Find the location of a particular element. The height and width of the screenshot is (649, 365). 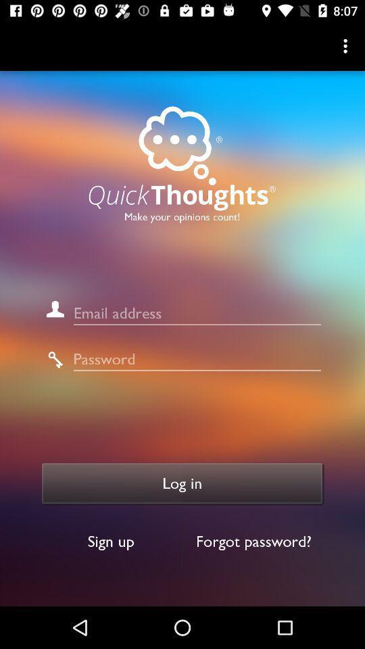

field to input password is located at coordinates (196, 358).